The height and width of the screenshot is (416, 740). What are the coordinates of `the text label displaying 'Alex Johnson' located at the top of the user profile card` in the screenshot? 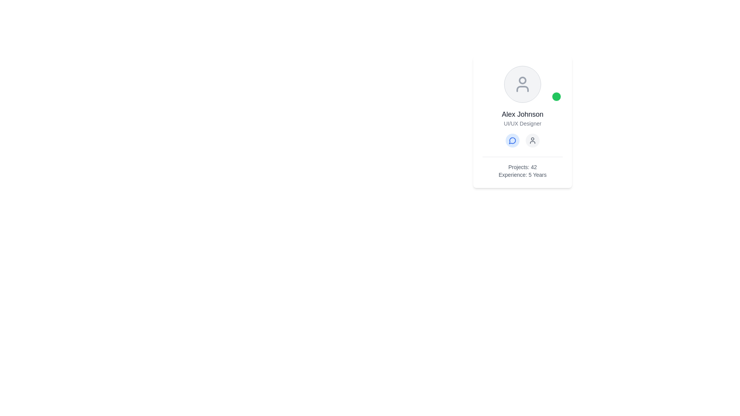 It's located at (523, 114).